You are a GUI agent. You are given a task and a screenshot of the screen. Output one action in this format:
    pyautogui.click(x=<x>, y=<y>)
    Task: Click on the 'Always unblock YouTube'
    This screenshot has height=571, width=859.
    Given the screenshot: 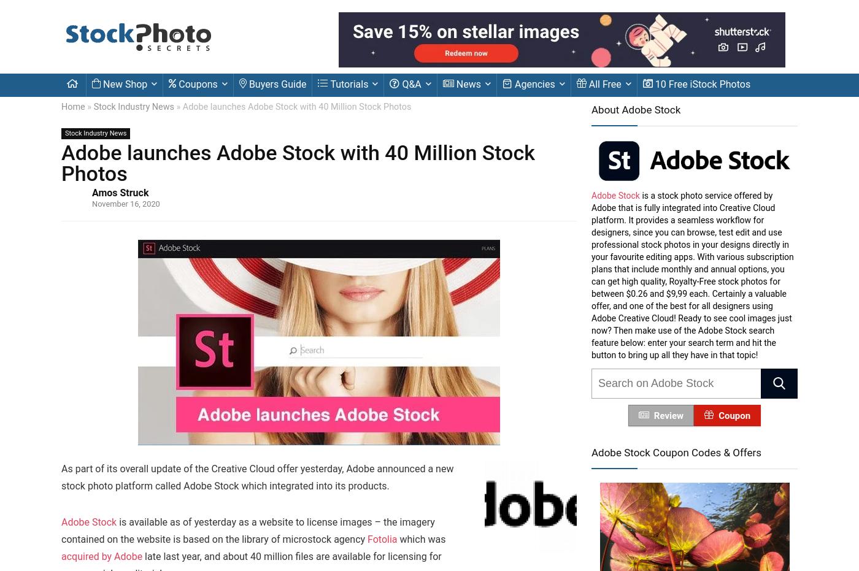 What is the action you would take?
    pyautogui.click(x=323, y=69)
    